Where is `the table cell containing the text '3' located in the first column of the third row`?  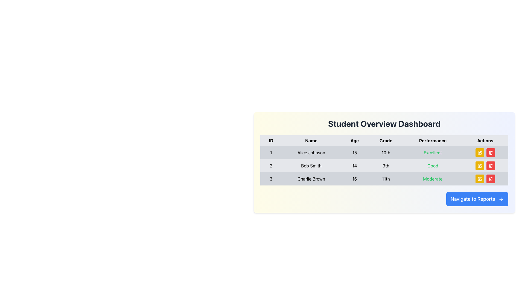 the table cell containing the text '3' located in the first column of the third row is located at coordinates (271, 179).